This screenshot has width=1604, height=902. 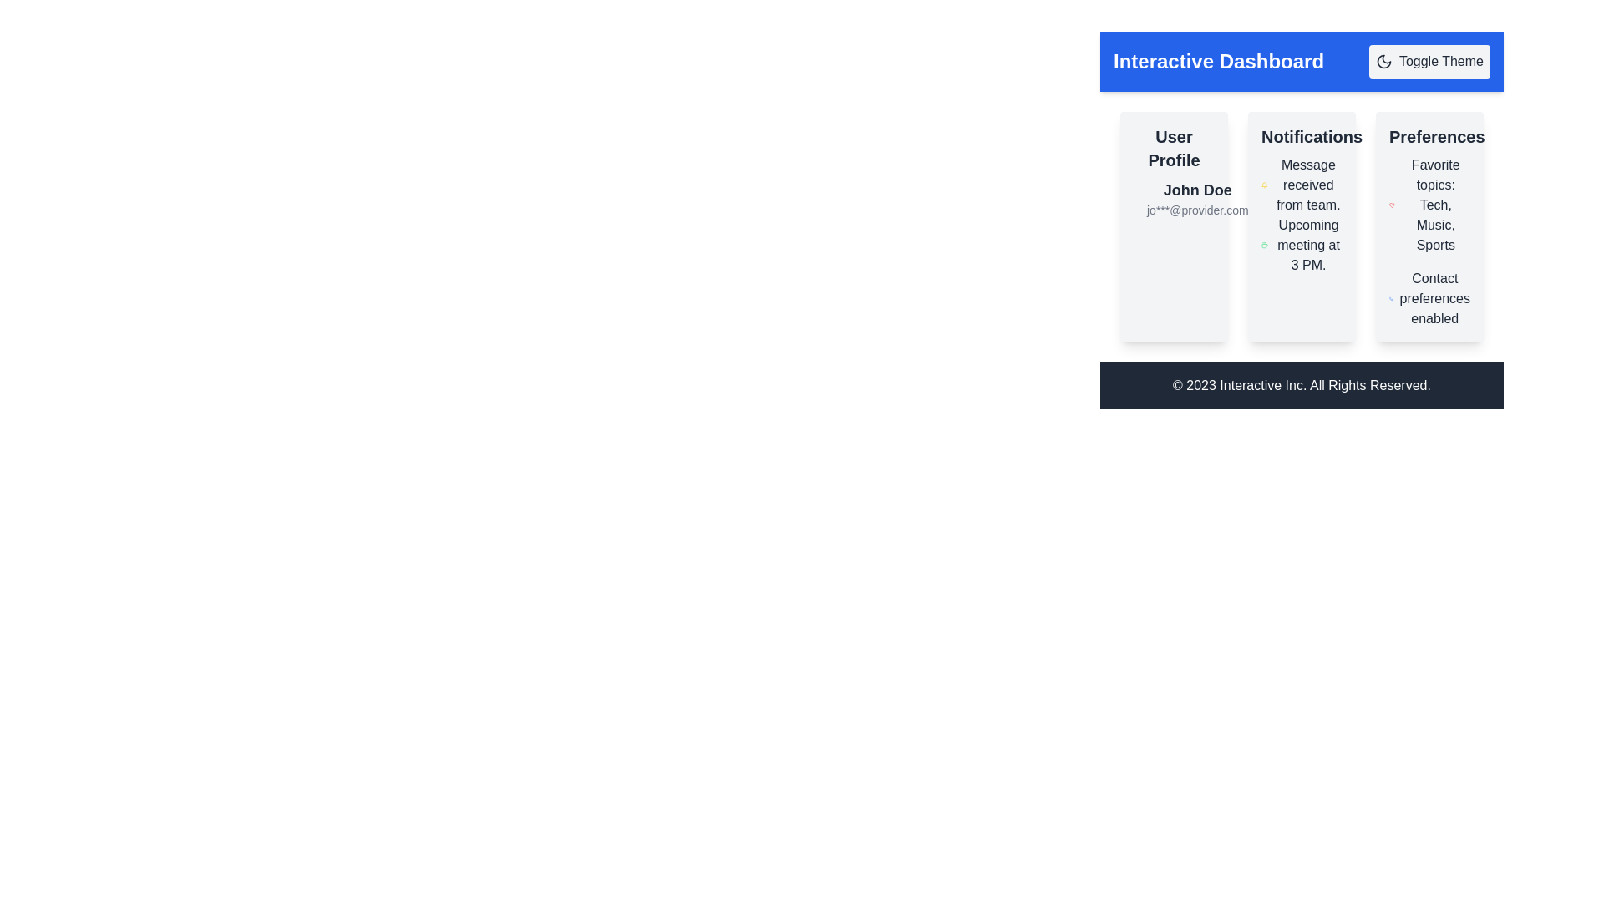 I want to click on the 'John Doe' text label located at the top of the 'User Profile' card, which displays the user's name in bold font, so click(x=1196, y=189).